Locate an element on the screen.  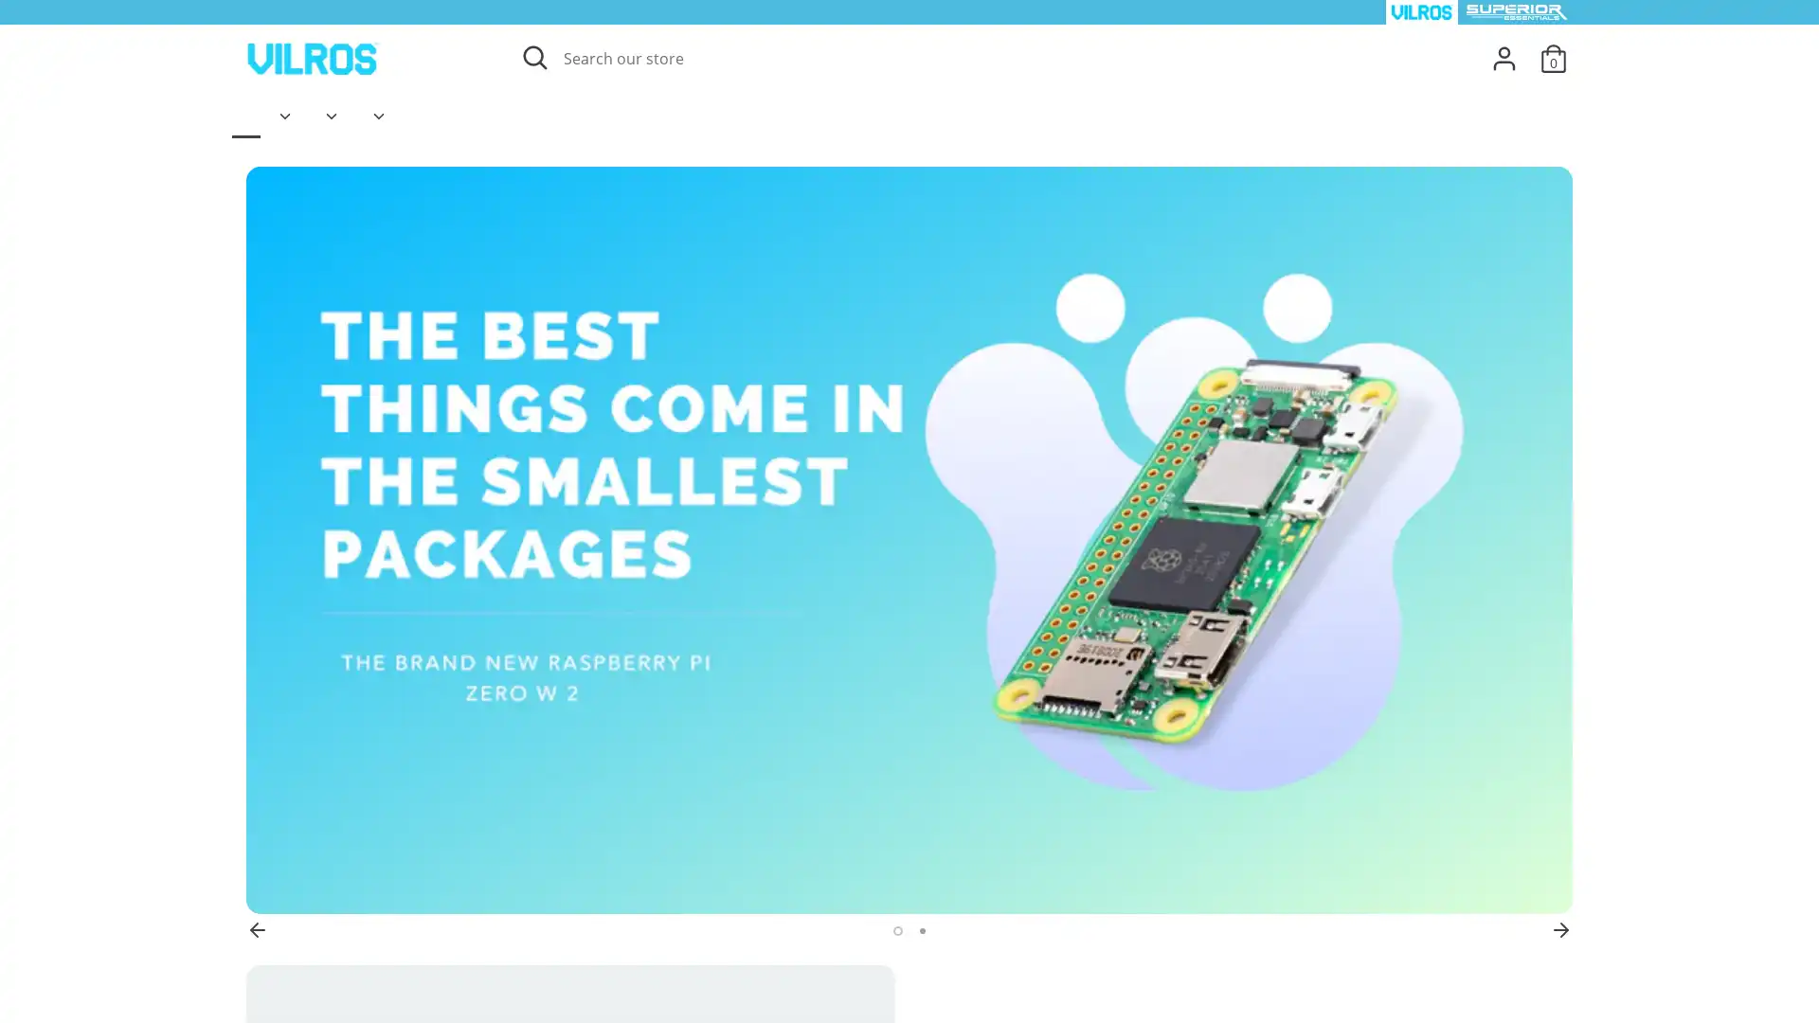
Open Search is located at coordinates (532, 57).